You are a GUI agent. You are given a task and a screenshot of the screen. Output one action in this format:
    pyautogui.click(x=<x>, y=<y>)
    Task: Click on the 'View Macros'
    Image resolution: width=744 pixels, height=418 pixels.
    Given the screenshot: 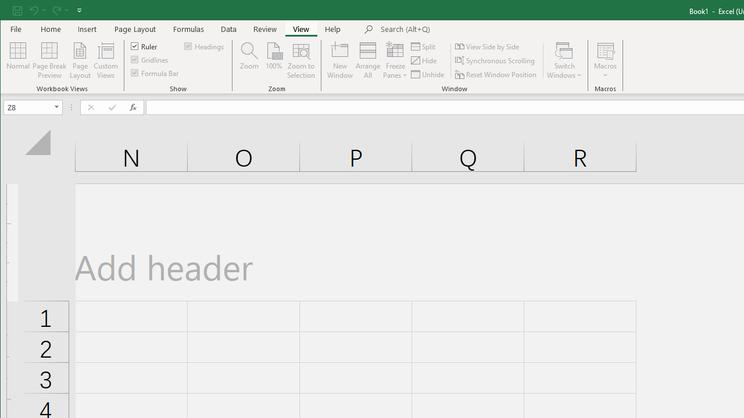 What is the action you would take?
    pyautogui.click(x=604, y=49)
    